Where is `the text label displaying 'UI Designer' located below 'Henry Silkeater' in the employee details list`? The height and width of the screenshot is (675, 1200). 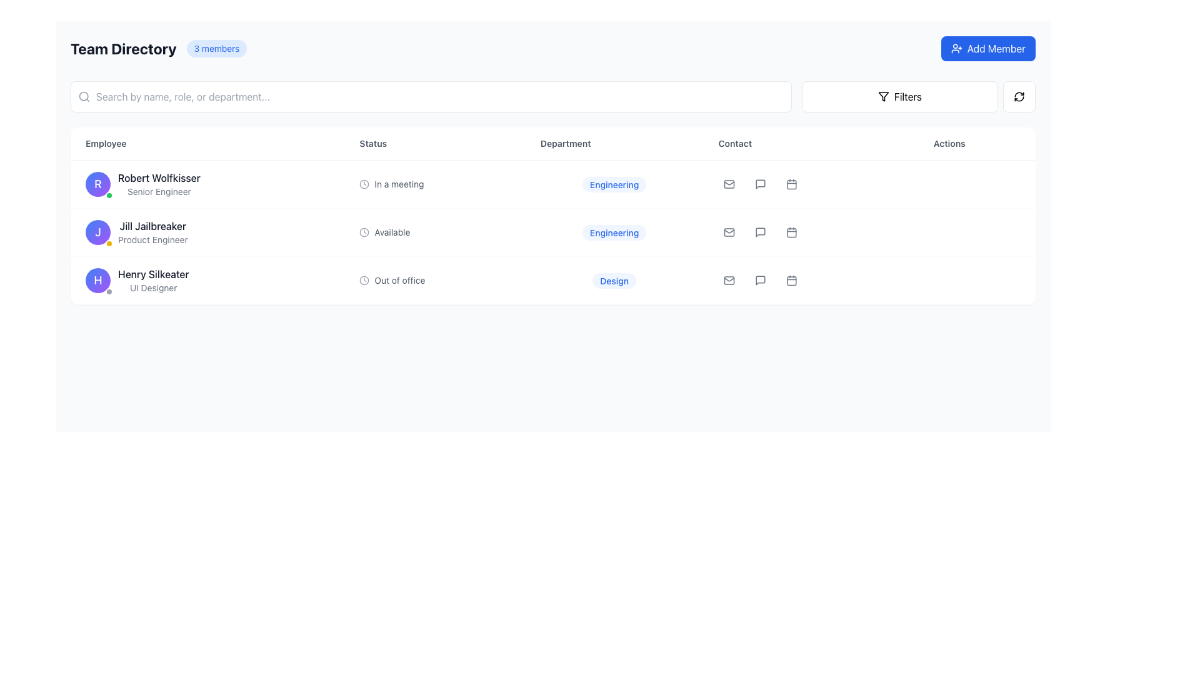 the text label displaying 'UI Designer' located below 'Henry Silkeater' in the employee details list is located at coordinates (152, 288).